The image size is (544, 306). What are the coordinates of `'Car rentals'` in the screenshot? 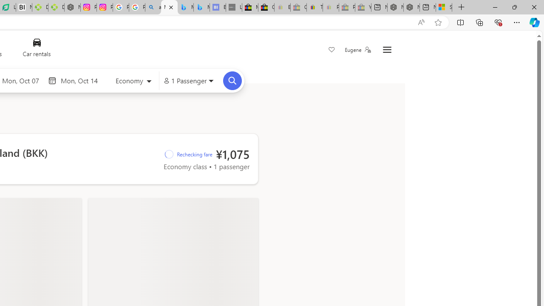 It's located at (36, 50).